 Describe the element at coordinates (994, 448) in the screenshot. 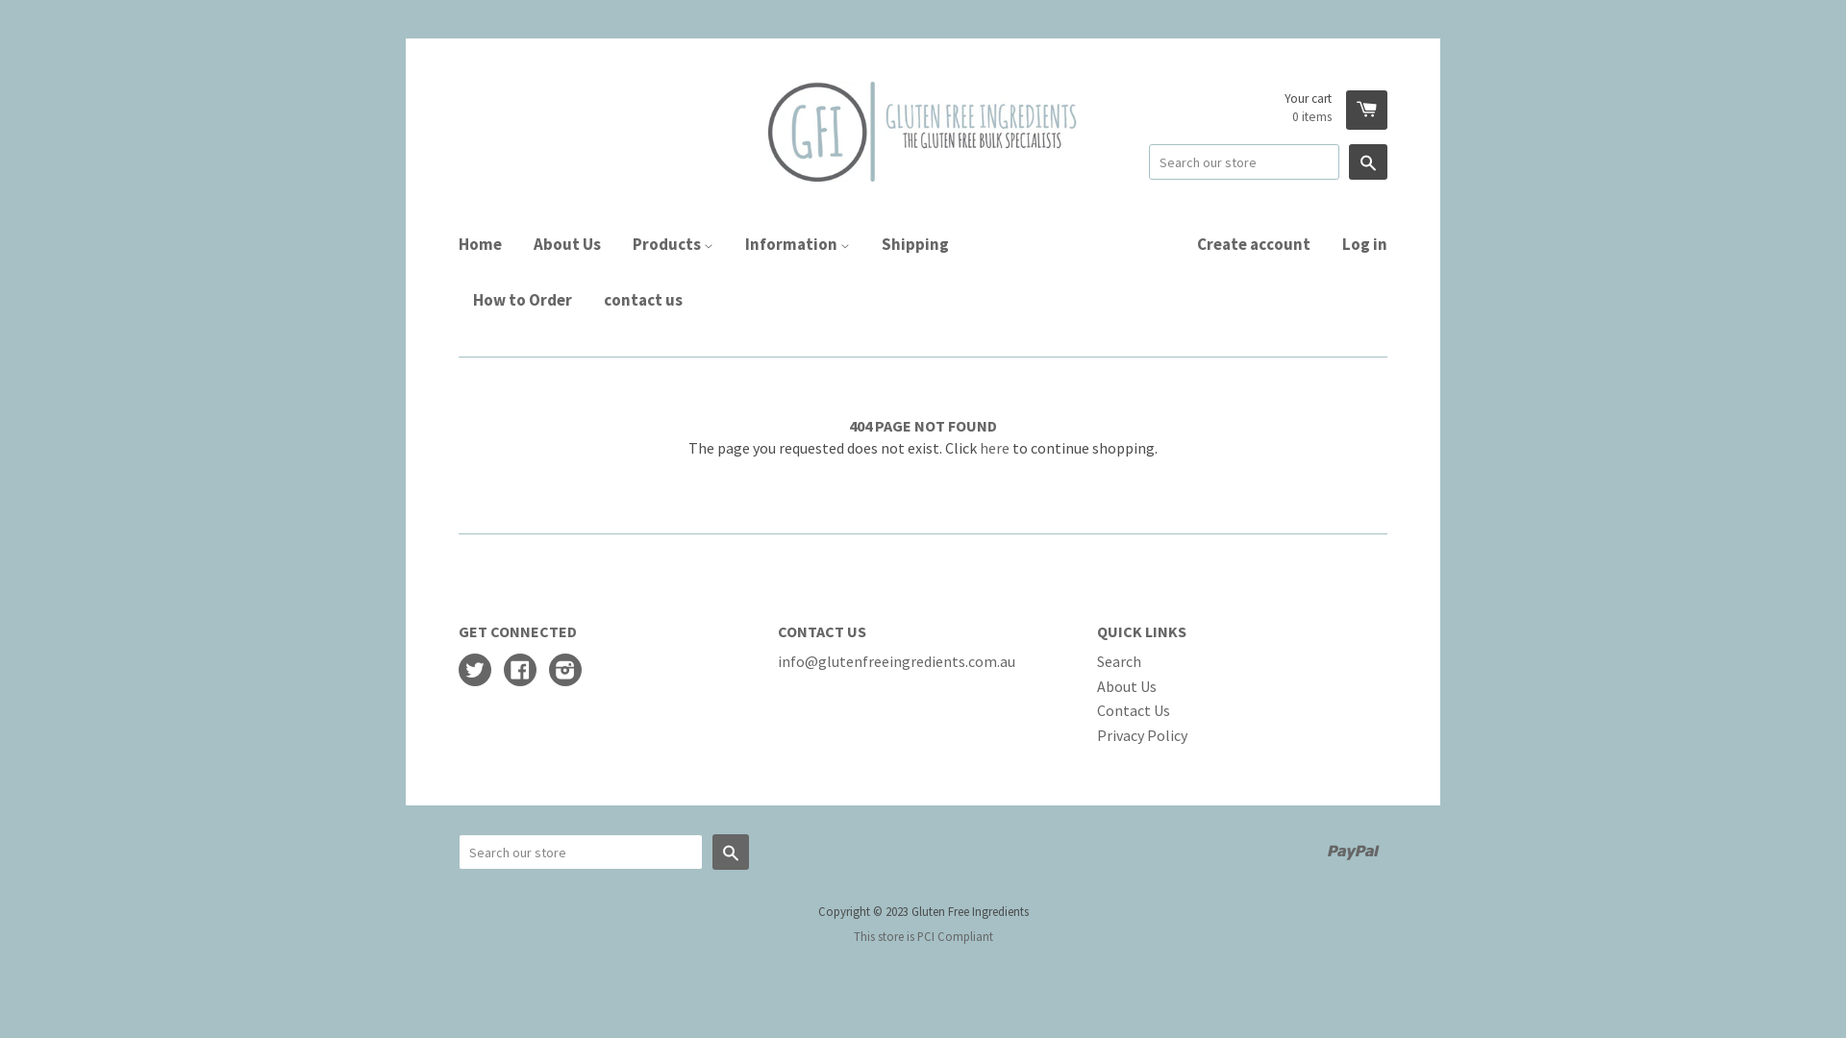

I see `'here'` at that location.